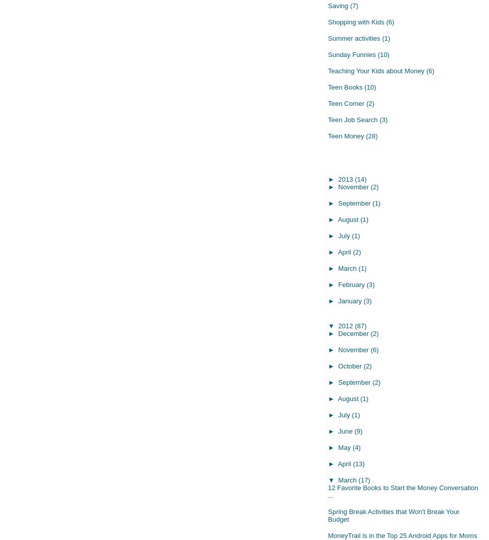  What do you see at coordinates (350, 365) in the screenshot?
I see `'October'` at bounding box center [350, 365].